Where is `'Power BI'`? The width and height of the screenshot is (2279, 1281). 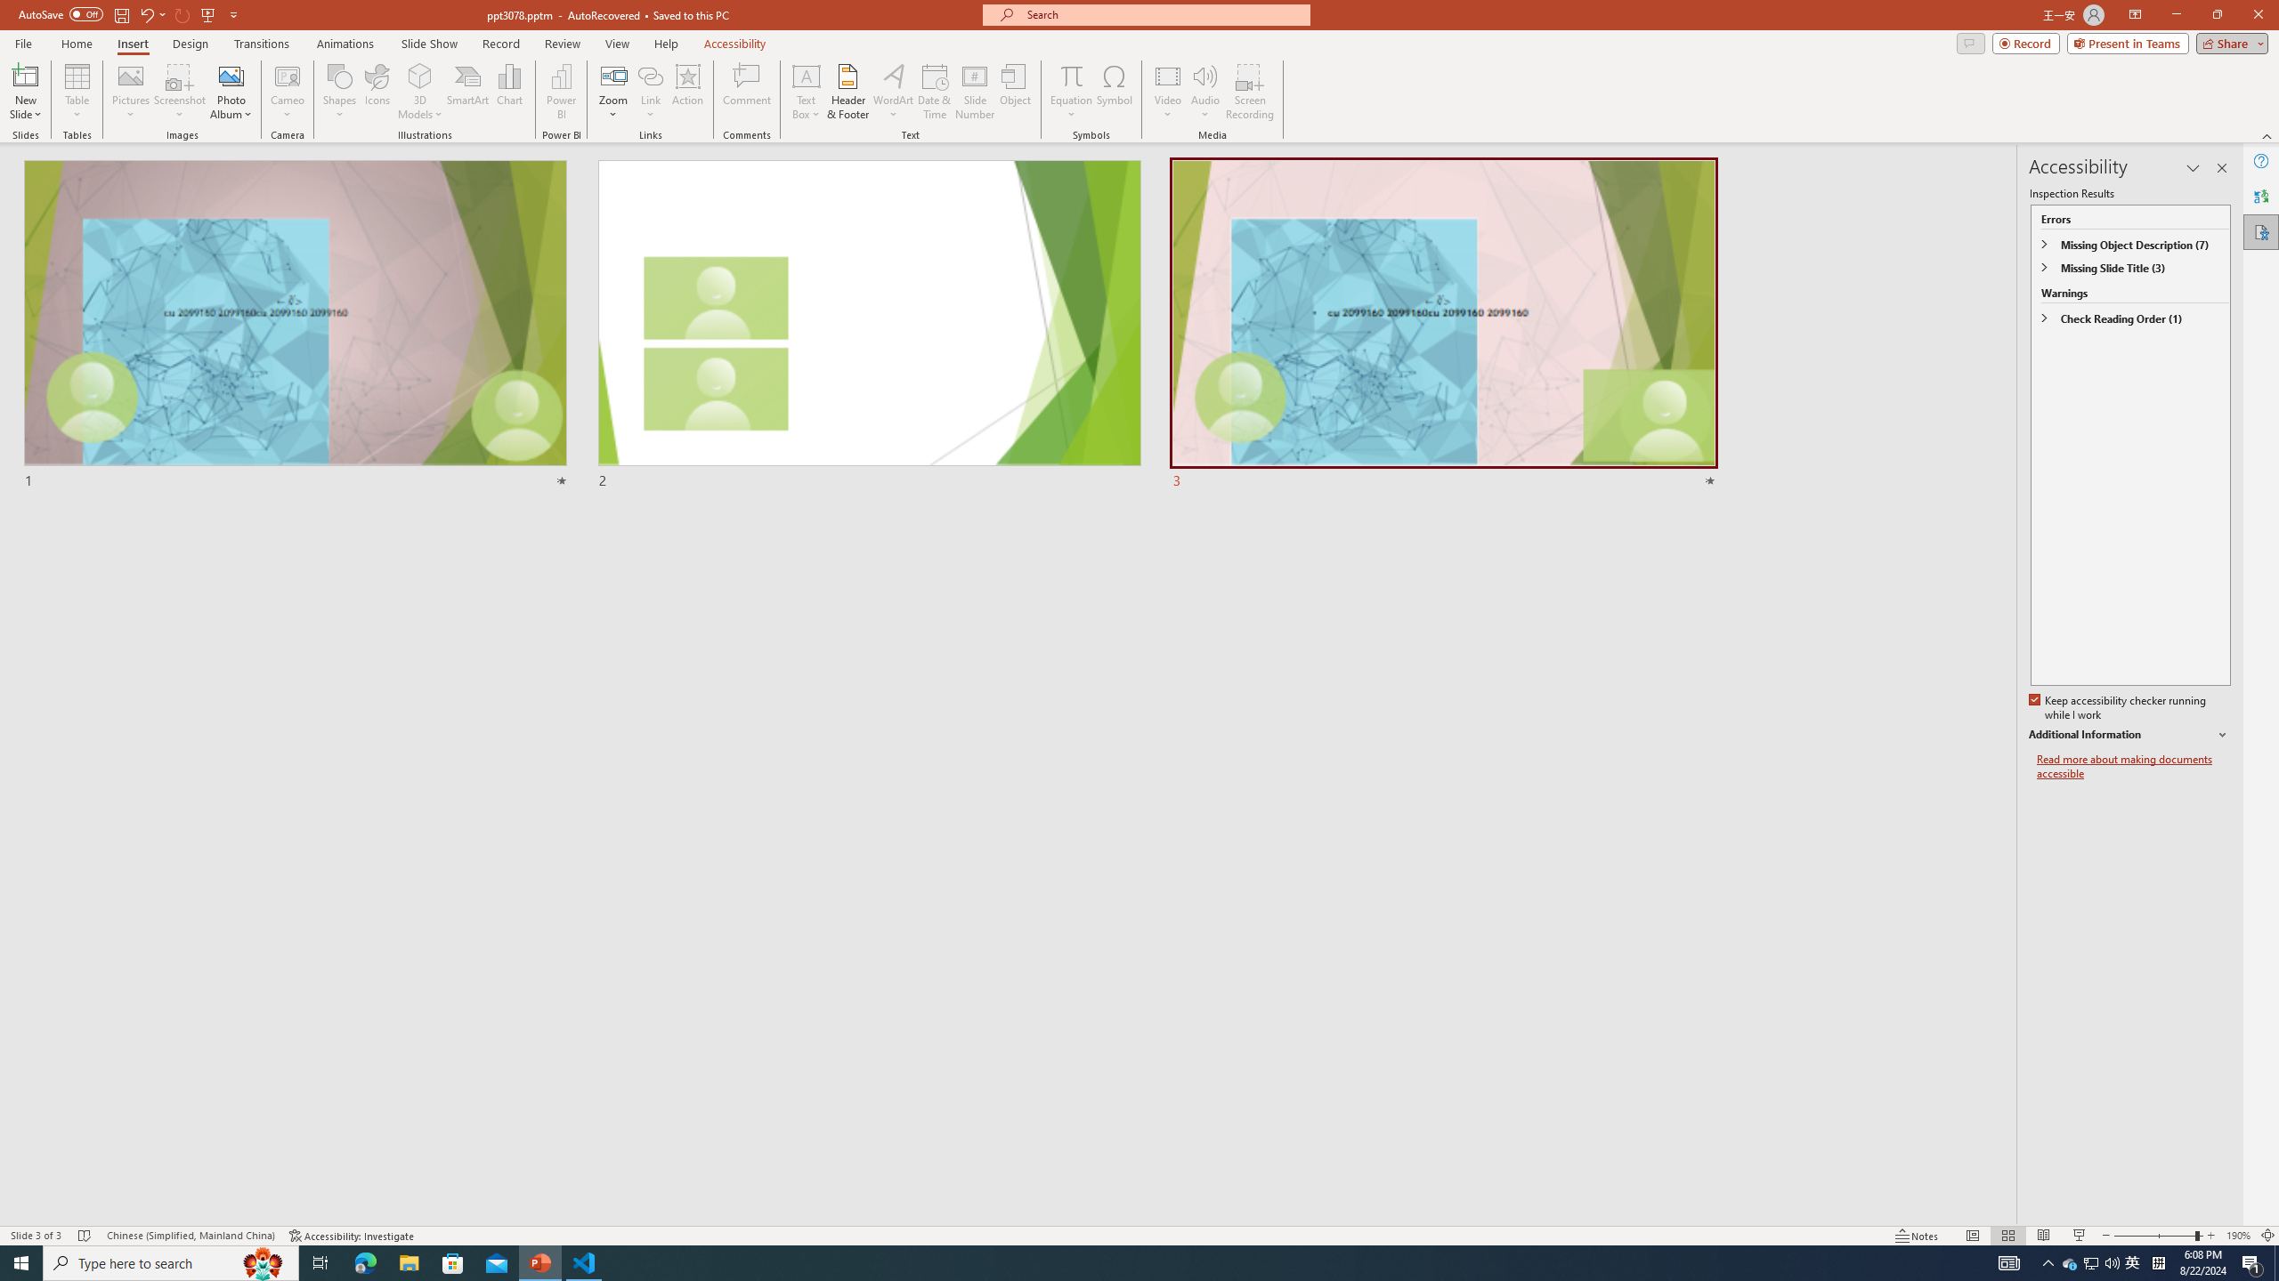
'Power BI' is located at coordinates (562, 92).